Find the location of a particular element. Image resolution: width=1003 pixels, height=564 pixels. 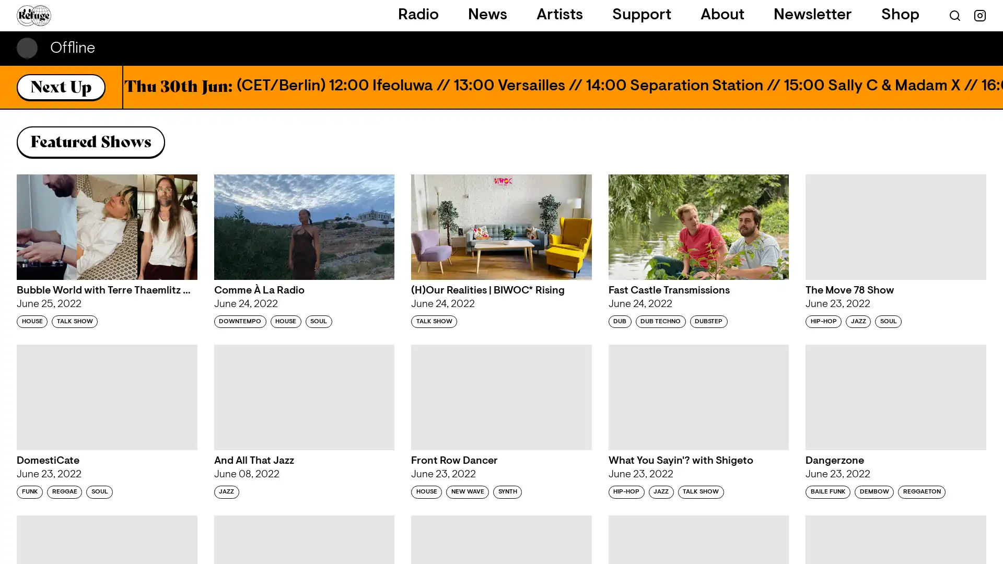

Front Row Dancer is located at coordinates (500, 397).